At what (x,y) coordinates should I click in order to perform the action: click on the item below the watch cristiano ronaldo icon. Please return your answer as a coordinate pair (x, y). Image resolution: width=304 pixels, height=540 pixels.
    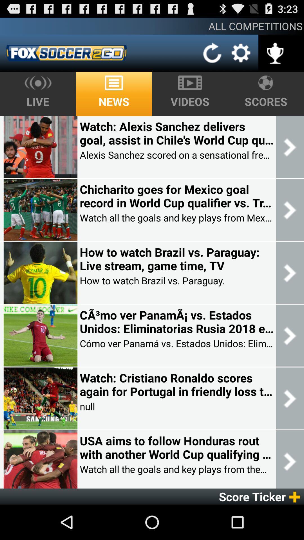
    Looking at the image, I should click on (87, 406).